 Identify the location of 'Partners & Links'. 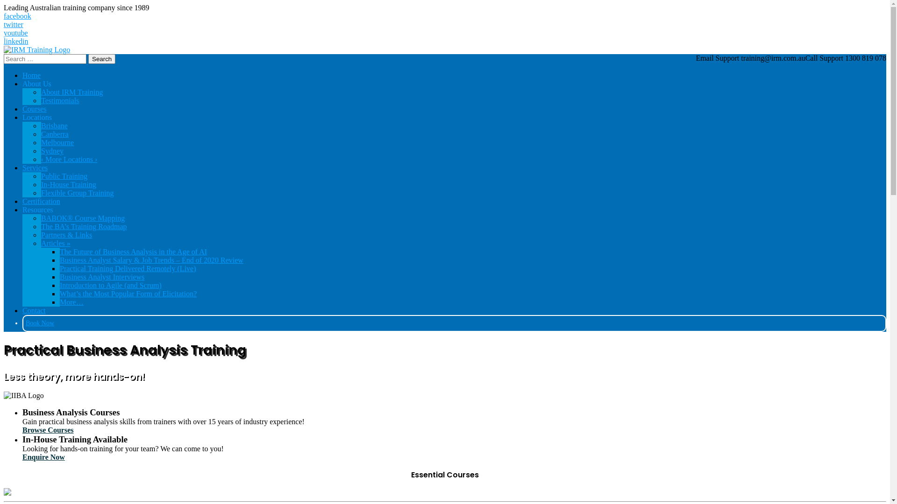
(40, 234).